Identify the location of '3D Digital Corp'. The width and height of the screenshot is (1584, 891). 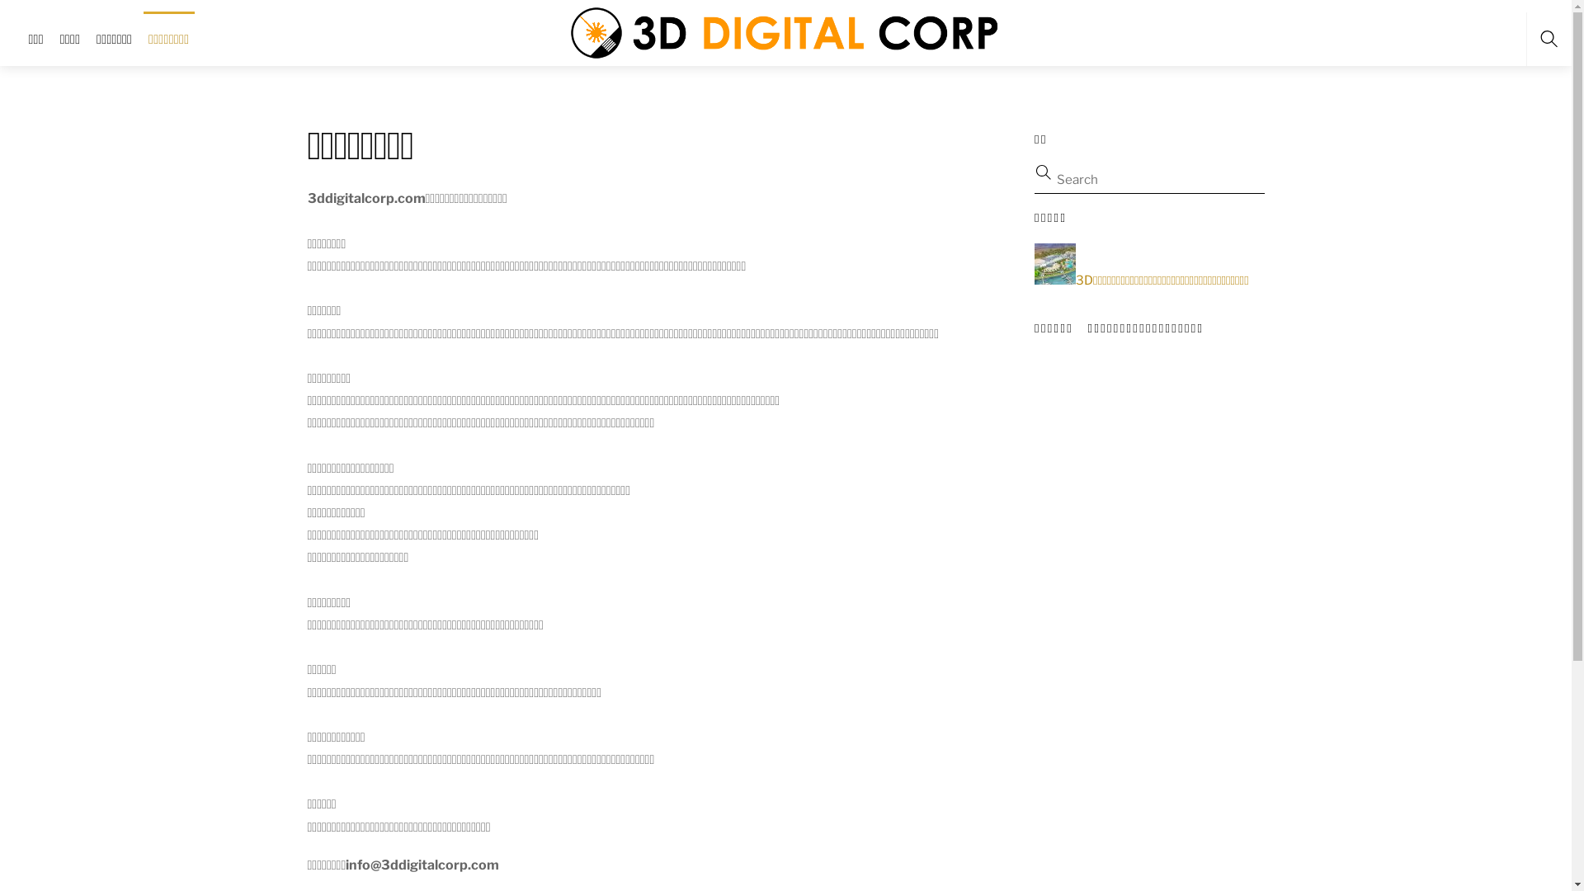
(786, 32).